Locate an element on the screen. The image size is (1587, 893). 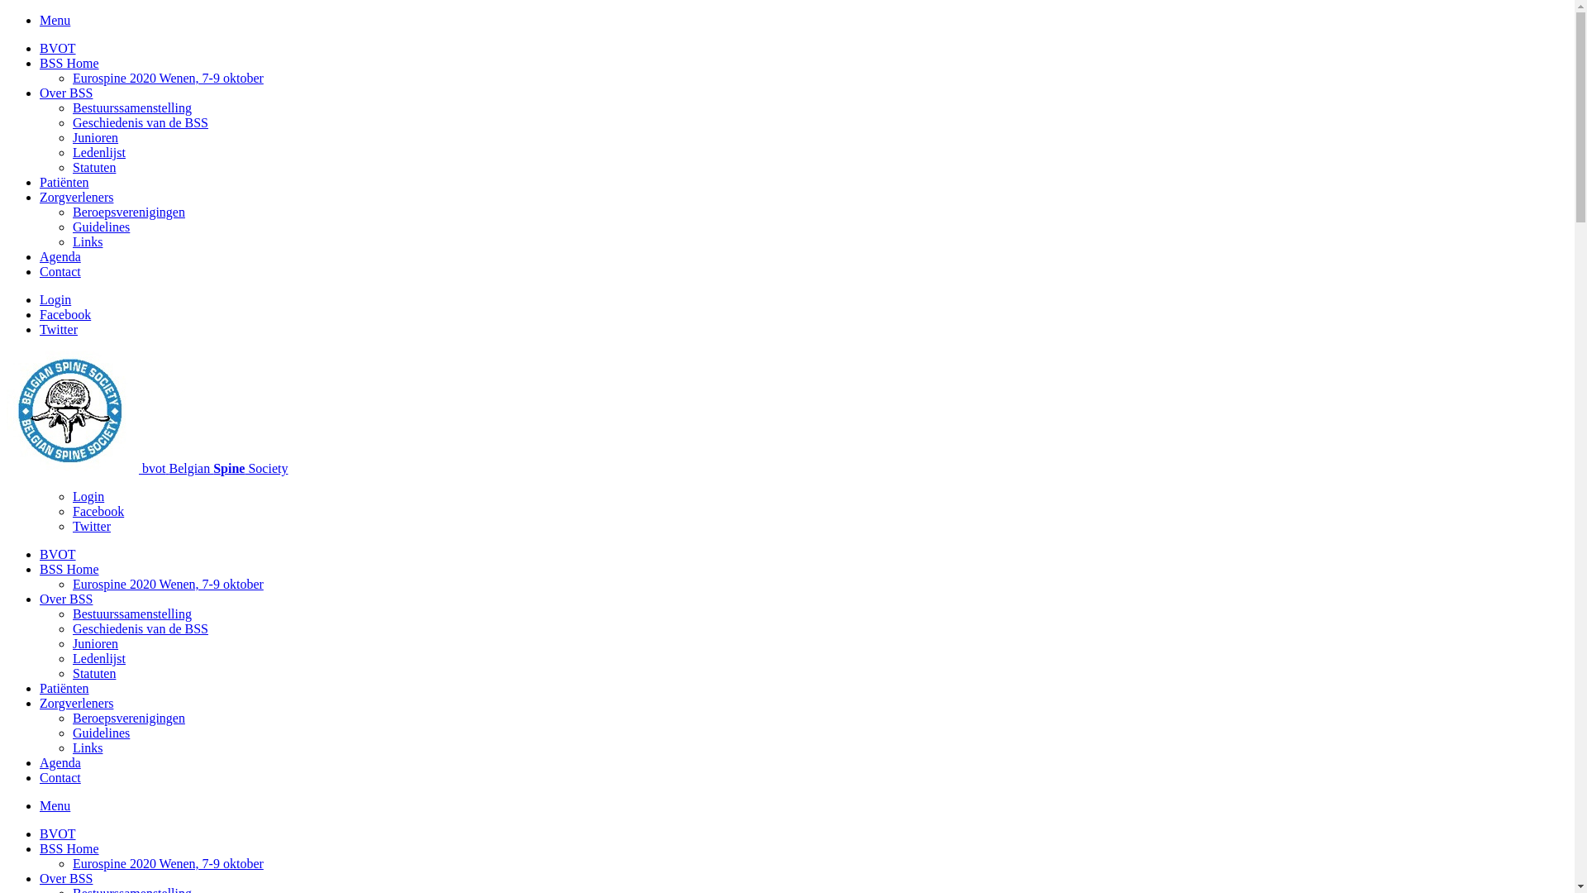
'Agenda' is located at coordinates (60, 762).